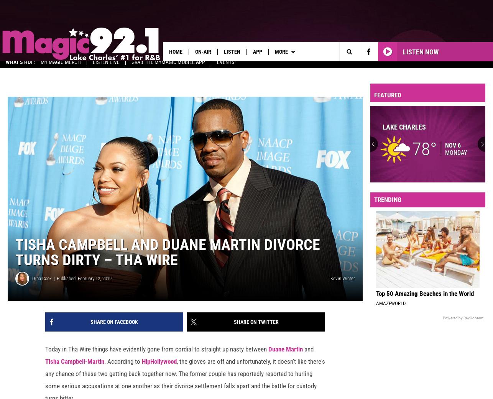 Image resolution: width=493 pixels, height=399 pixels. I want to click on 'My Magic Merch', so click(40, 67).